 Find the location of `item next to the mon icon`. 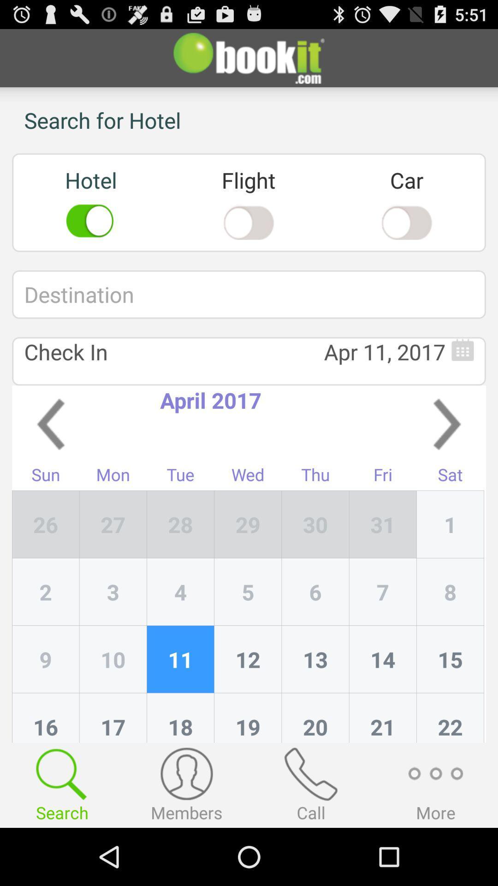

item next to the mon icon is located at coordinates (180, 524).